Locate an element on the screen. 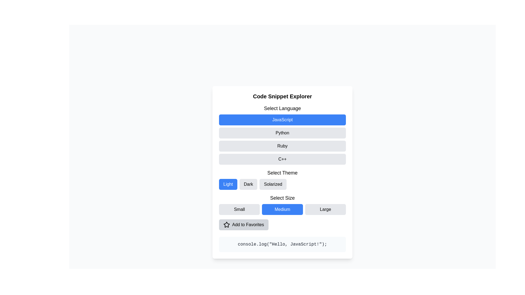 The height and width of the screenshot is (295, 525). the 'Small' size button located under the 'Select Size' label, which is the first button in a horizontal group of three size options is located at coordinates (239, 209).